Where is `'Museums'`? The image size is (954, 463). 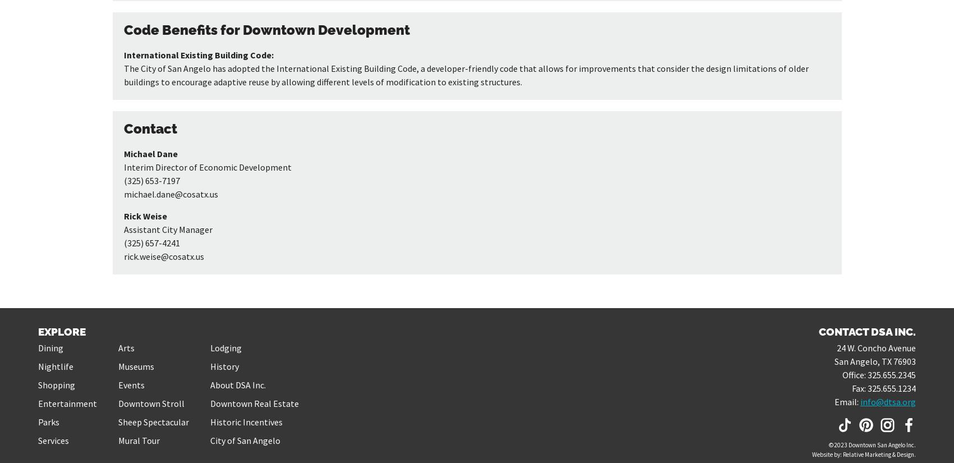 'Museums' is located at coordinates (136, 365).